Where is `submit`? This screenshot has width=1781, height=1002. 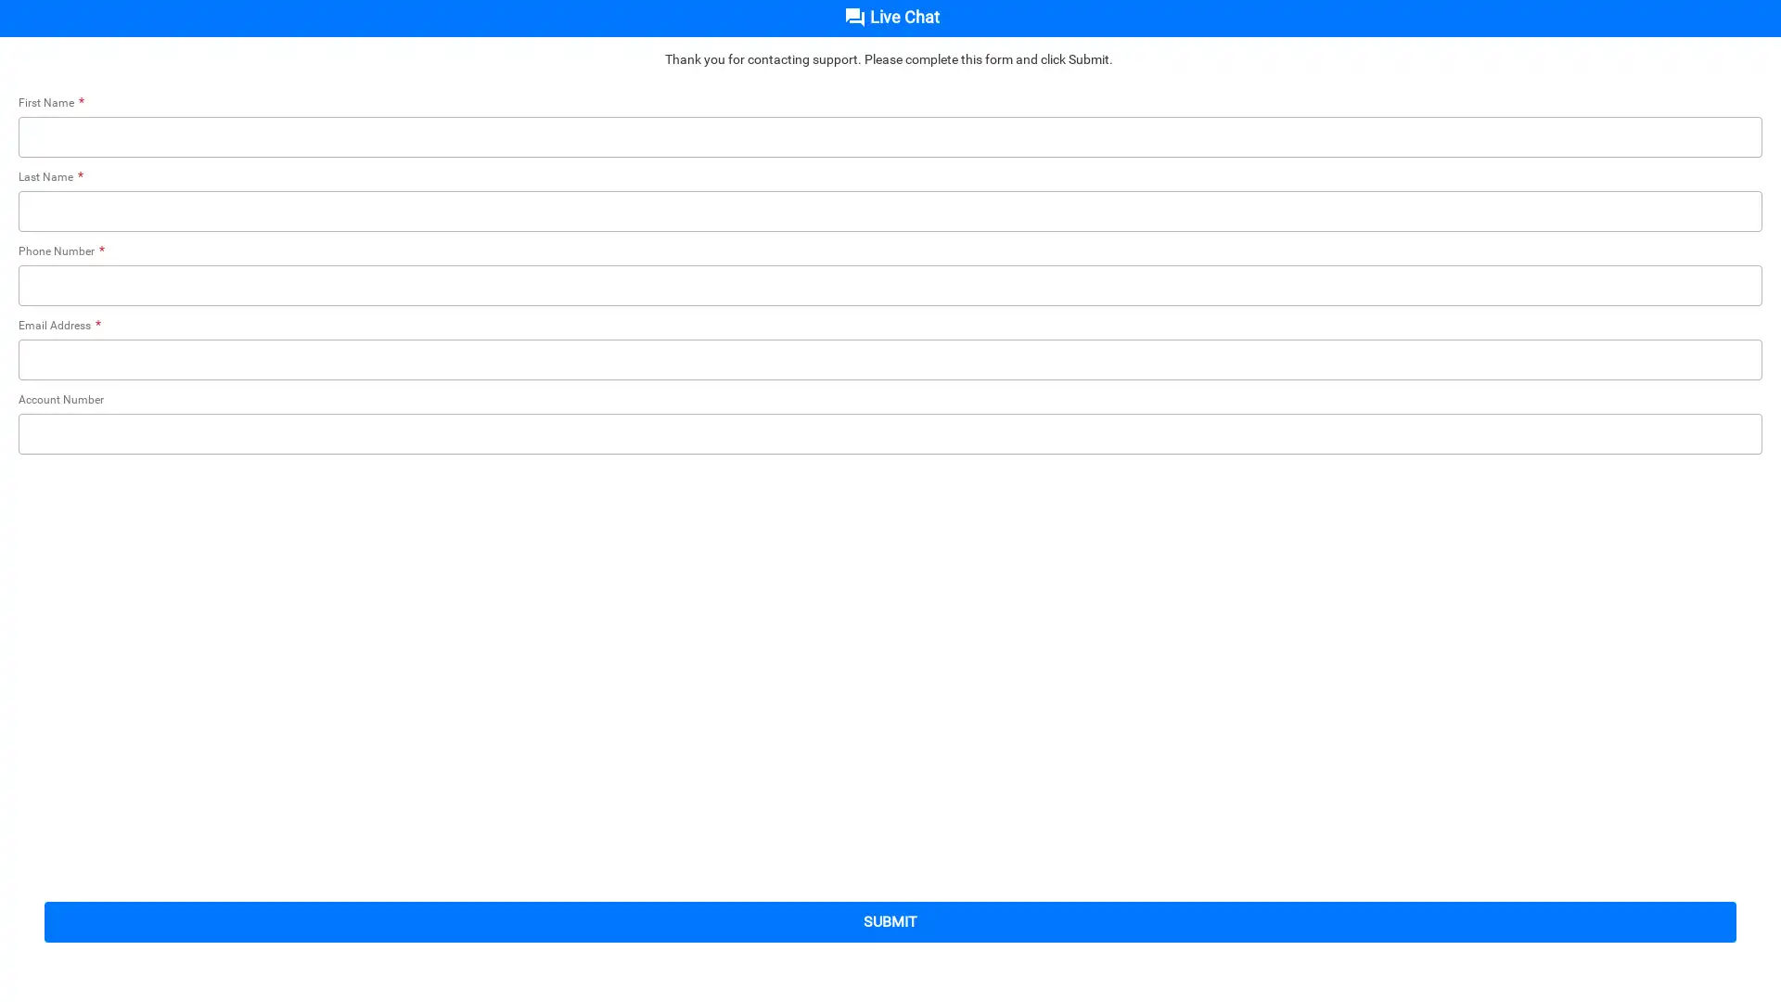 submit is located at coordinates (890, 922).